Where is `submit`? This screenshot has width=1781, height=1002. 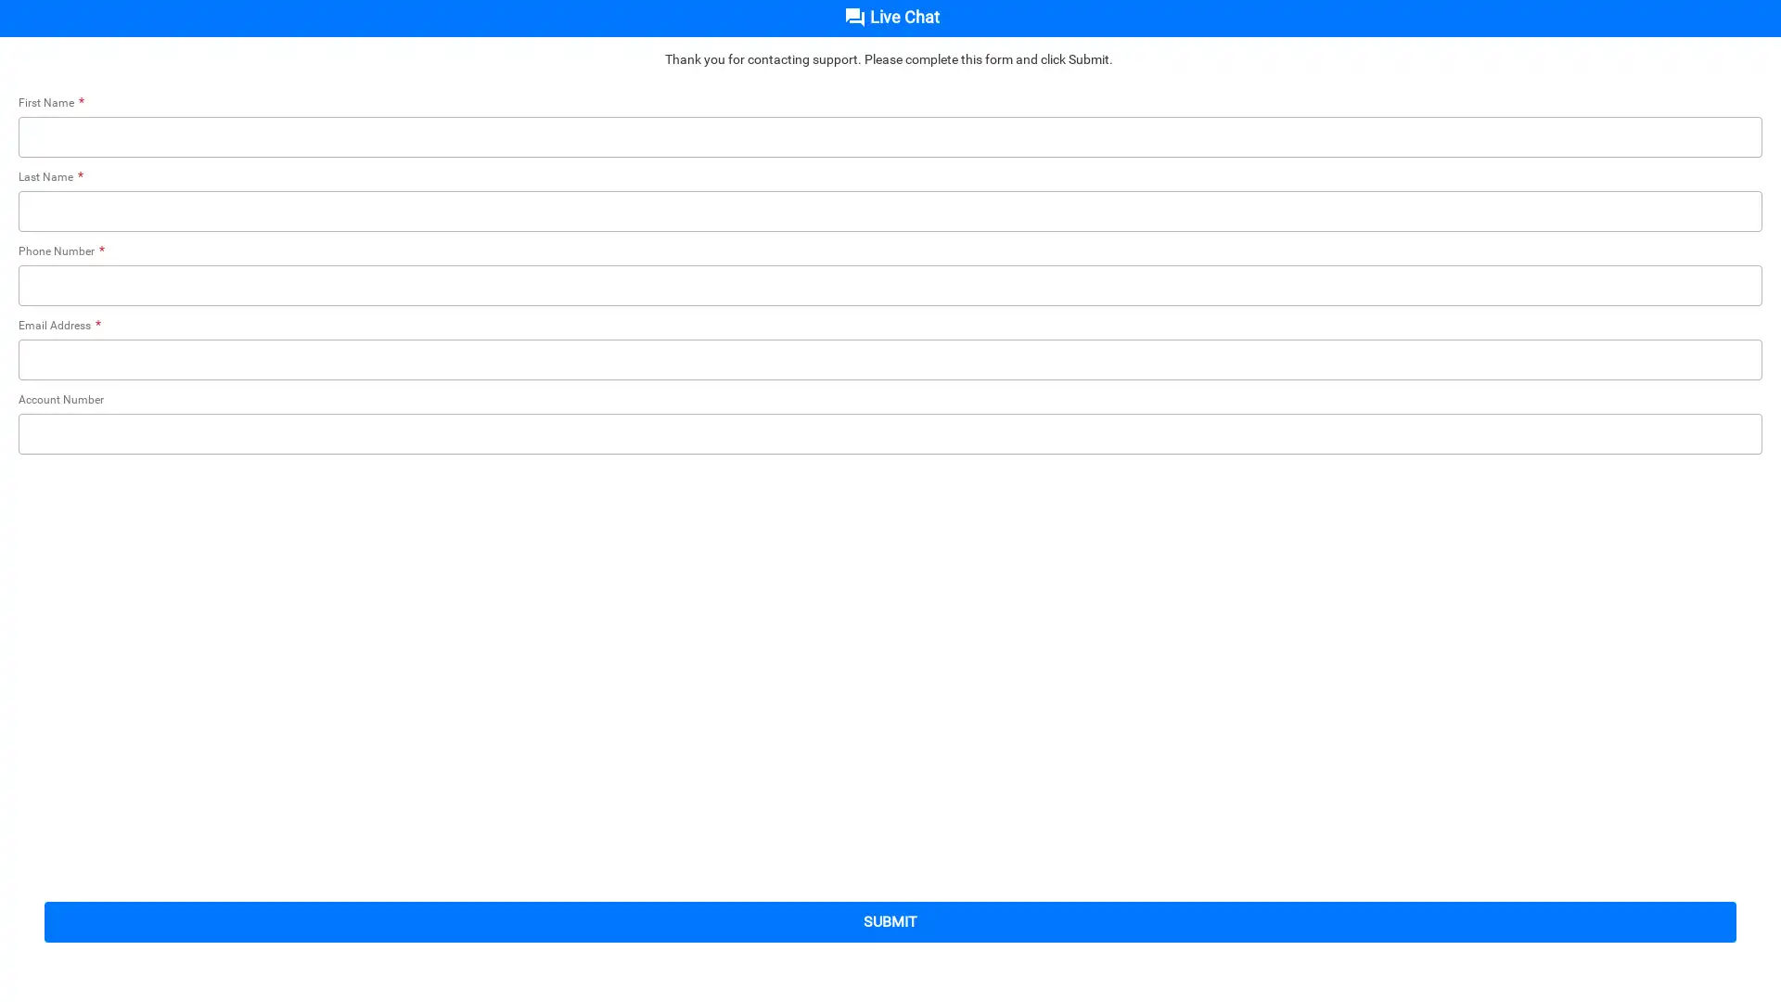 submit is located at coordinates (890, 922).